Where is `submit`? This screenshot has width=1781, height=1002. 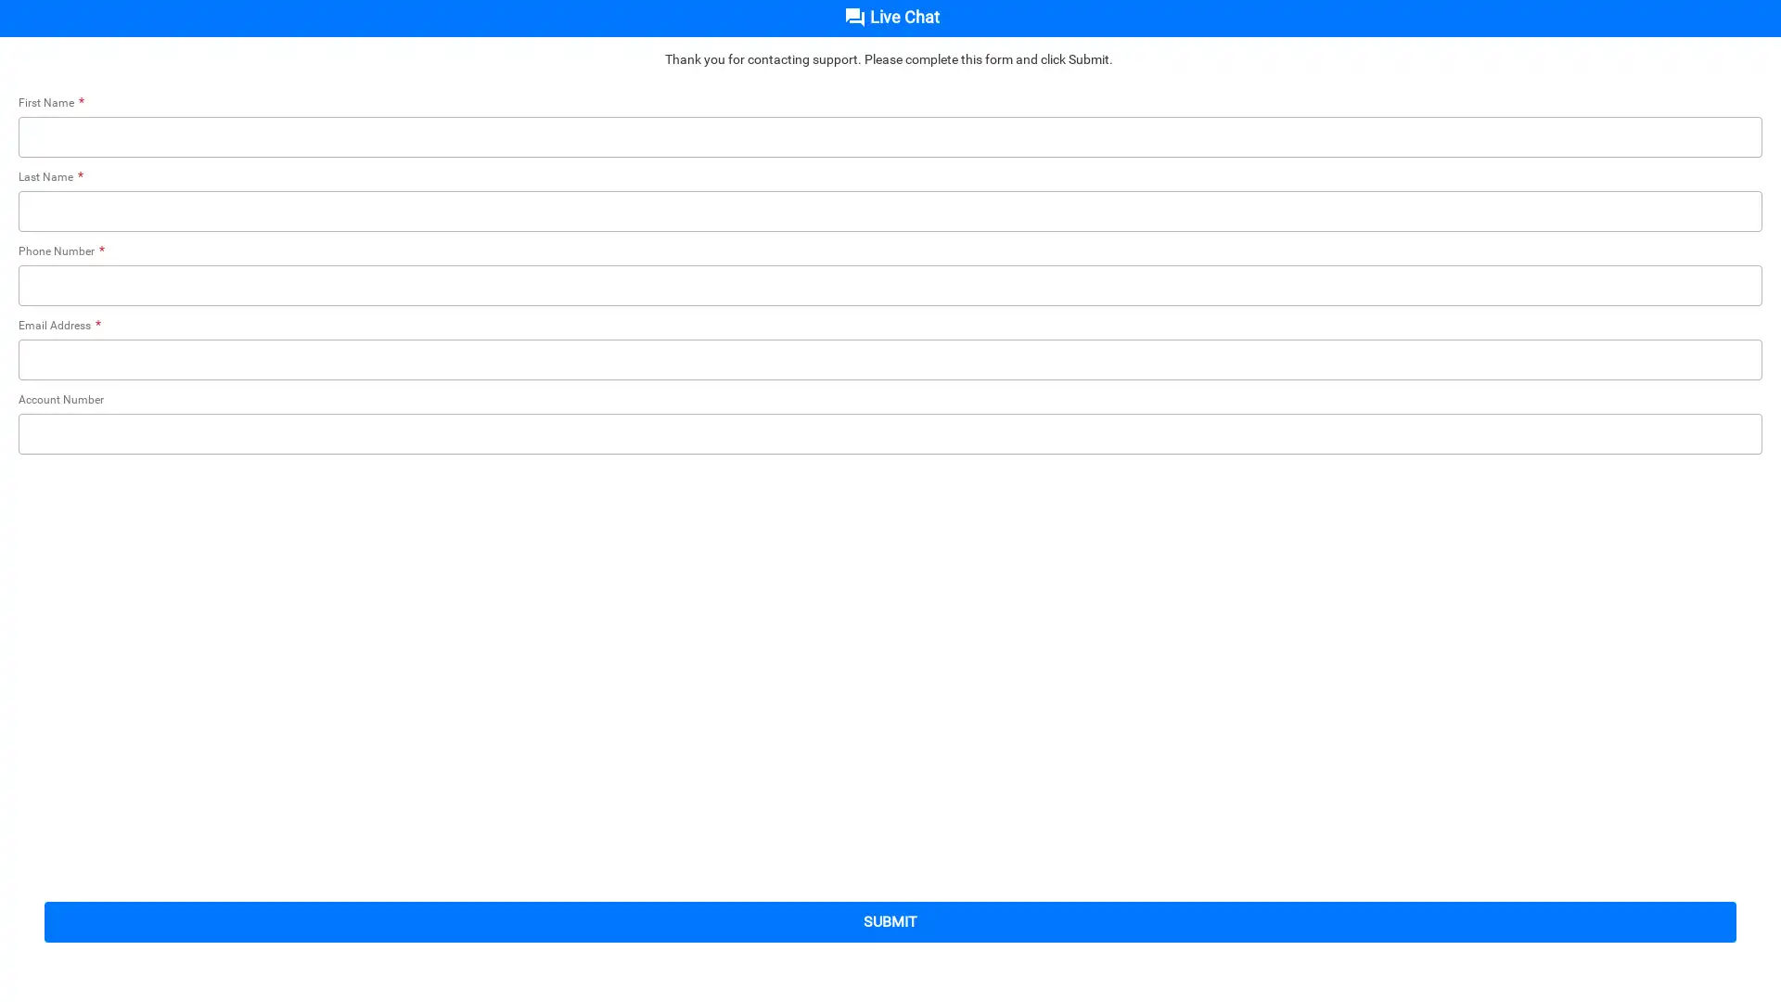 submit is located at coordinates (890, 922).